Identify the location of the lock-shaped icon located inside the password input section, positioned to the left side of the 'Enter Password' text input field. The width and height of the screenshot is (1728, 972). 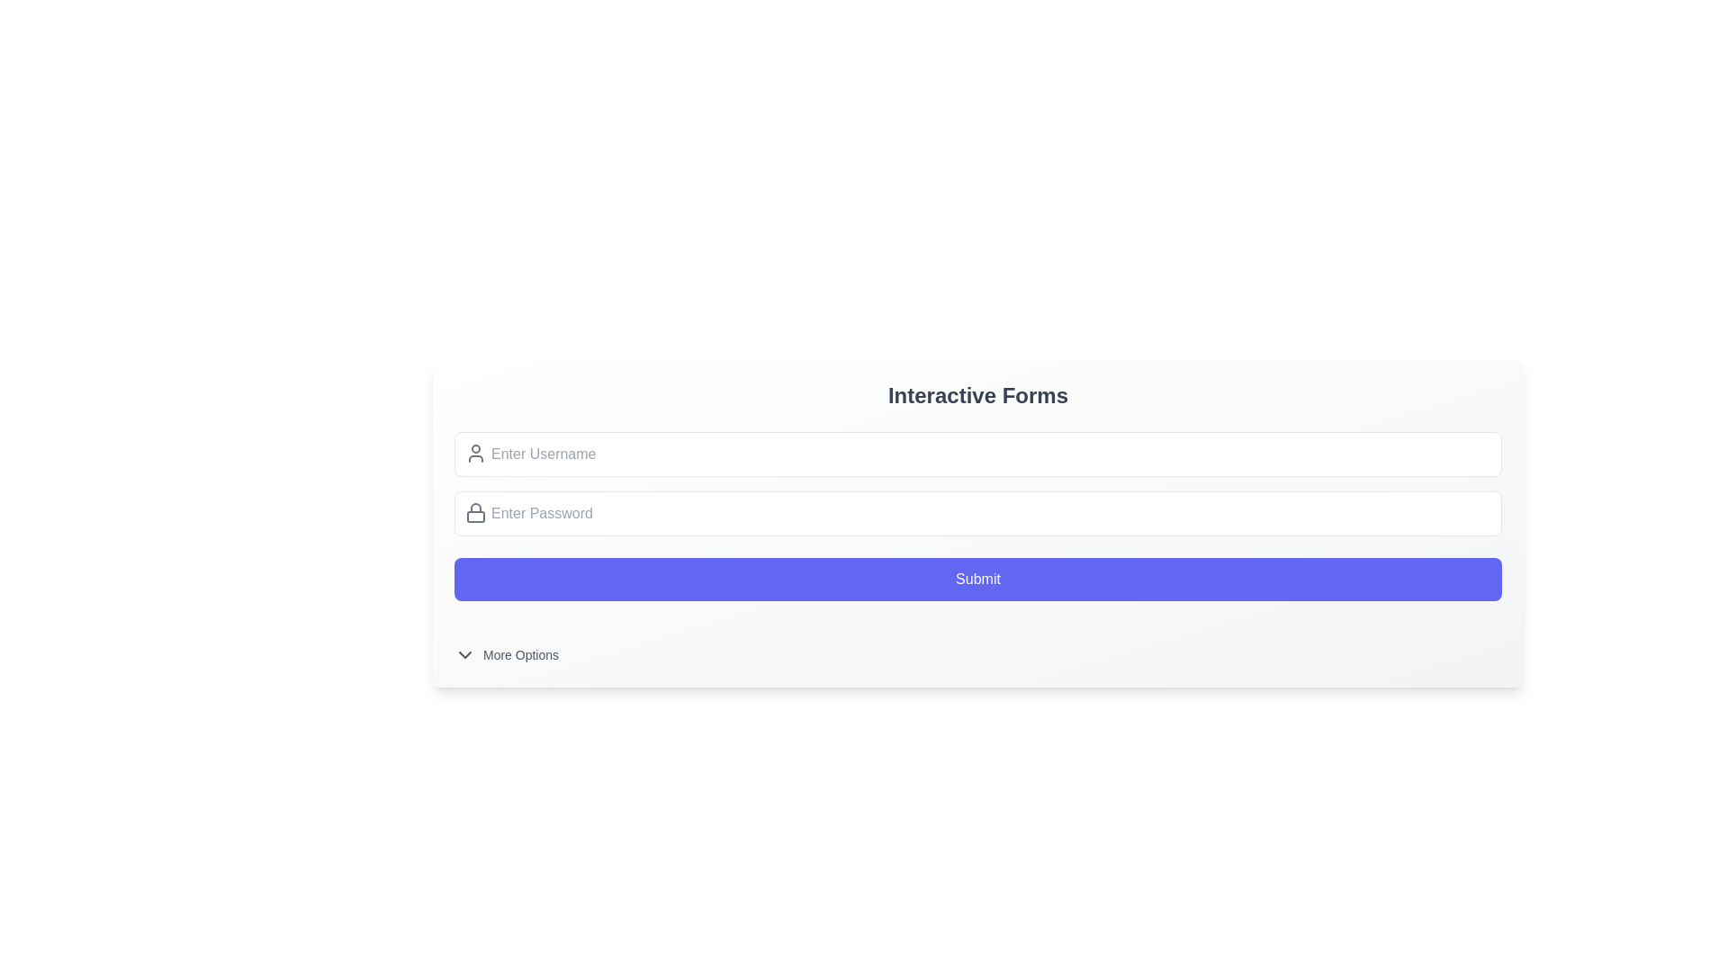
(475, 513).